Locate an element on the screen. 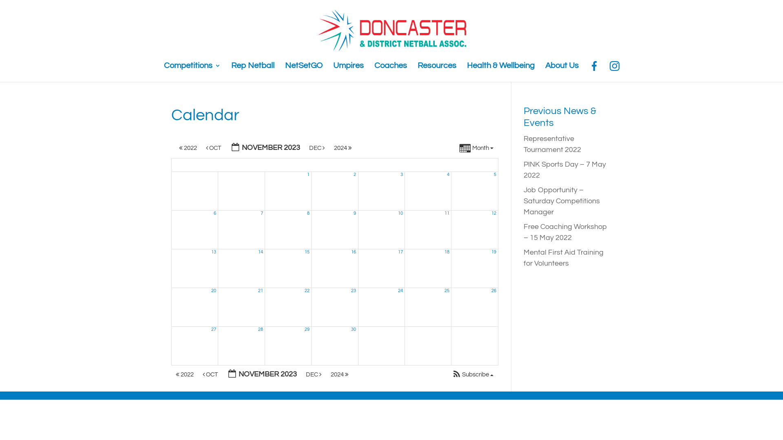 The width and height of the screenshot is (783, 440). 'Umpires' is located at coordinates (348, 70).